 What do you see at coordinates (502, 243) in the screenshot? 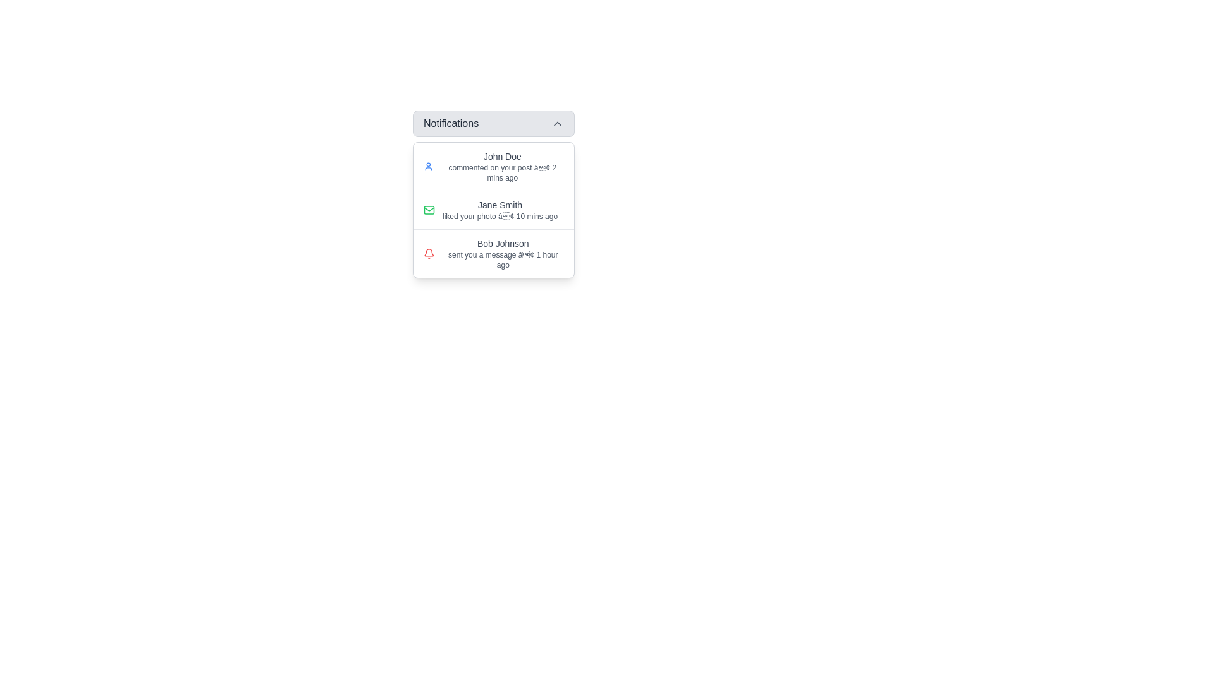
I see `the text label displaying the name 'Bob Johnson' in the notification dropdown menu` at bounding box center [502, 243].